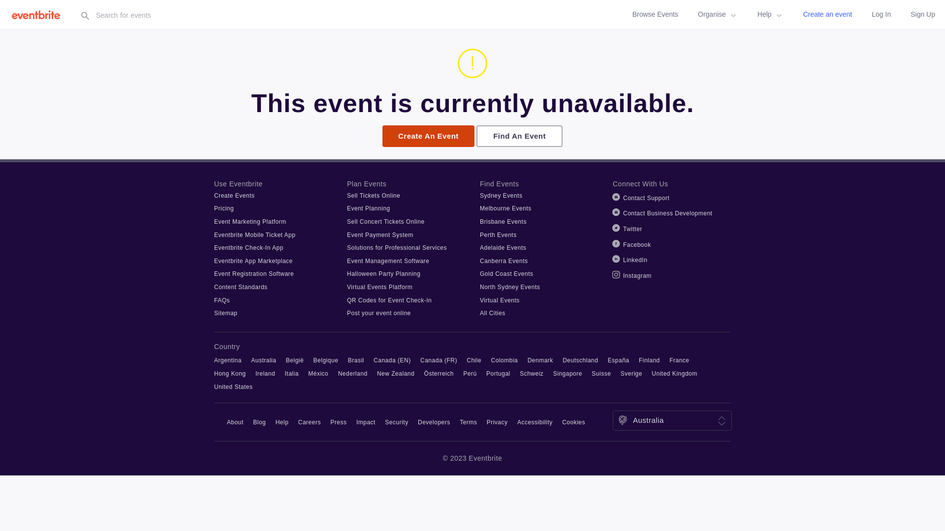  Describe the element at coordinates (396, 422) in the screenshot. I see `'Security'` at that location.